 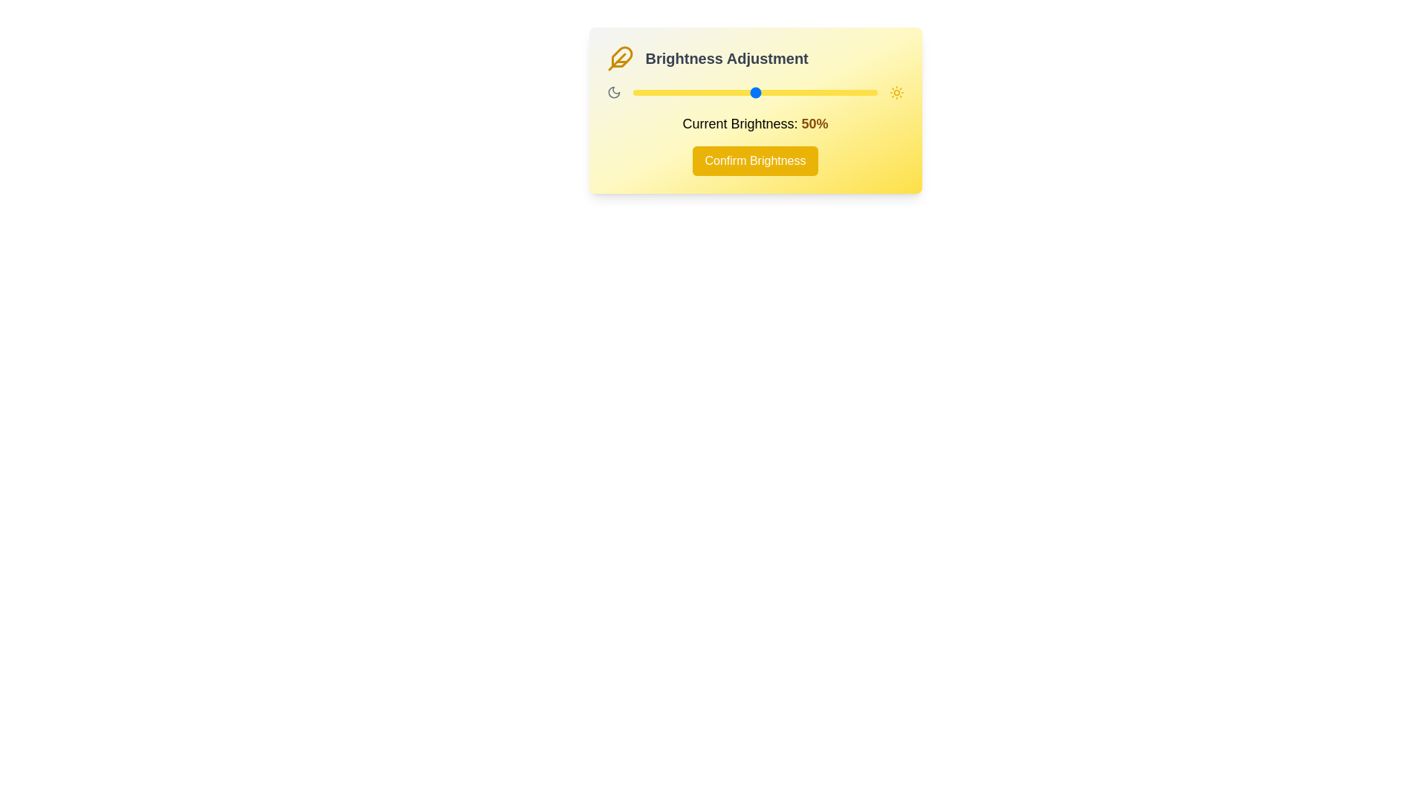 I want to click on the brightness to 76% by dragging the slider, so click(x=818, y=92).